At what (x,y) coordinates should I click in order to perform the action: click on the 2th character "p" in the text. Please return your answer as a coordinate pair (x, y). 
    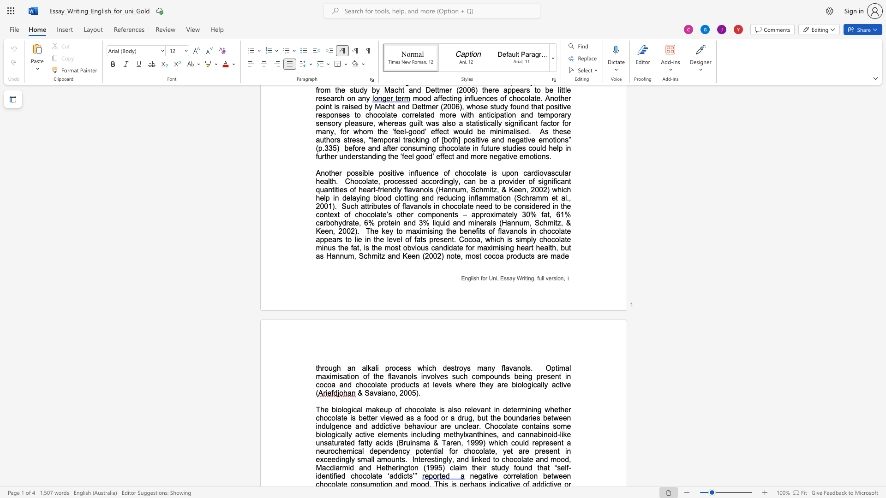
    Looking at the image, I should click on (417, 451).